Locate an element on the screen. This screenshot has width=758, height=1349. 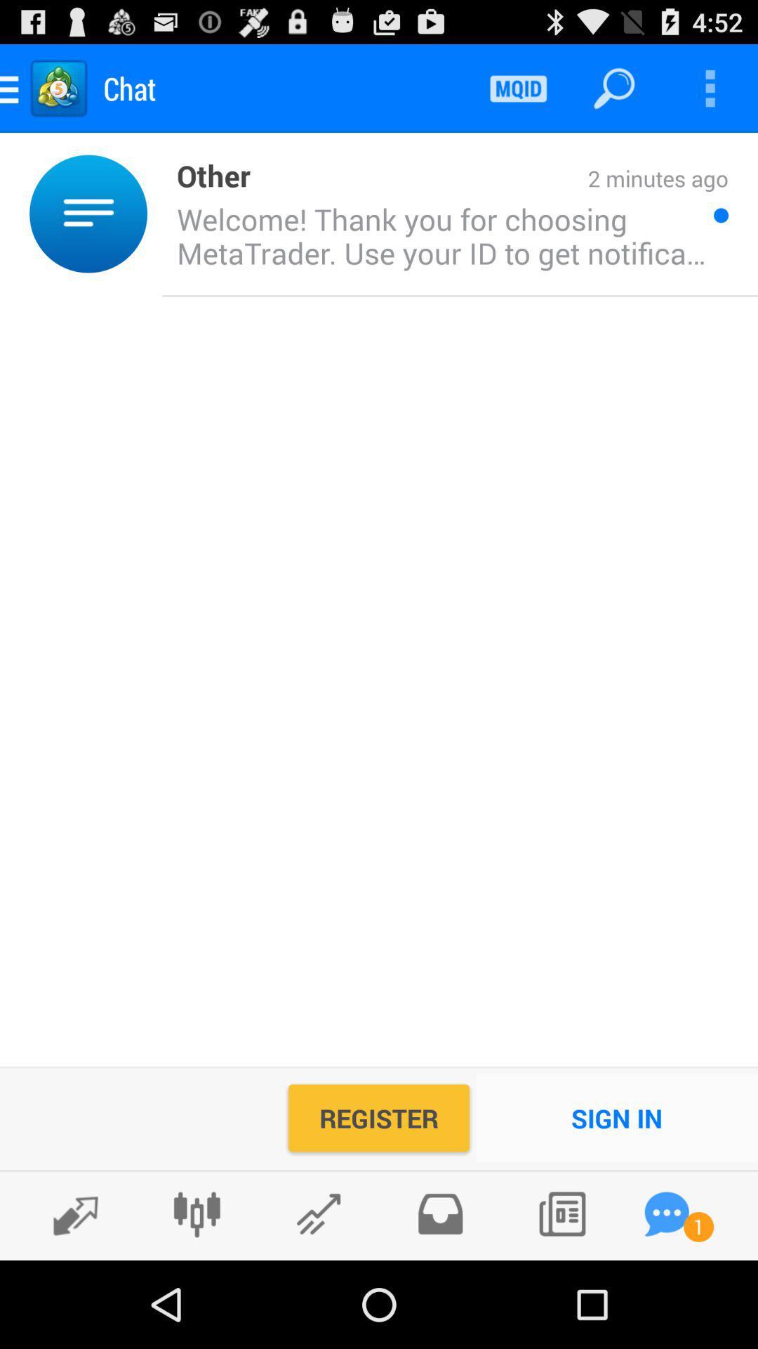
the icon next to the other icon is located at coordinates (488, 179).